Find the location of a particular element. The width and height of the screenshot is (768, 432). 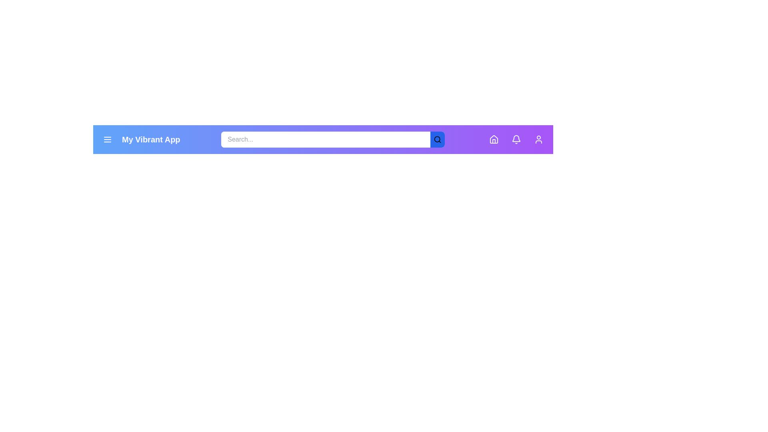

the profile button located at the top-right corner of the app bar is located at coordinates (539, 139).